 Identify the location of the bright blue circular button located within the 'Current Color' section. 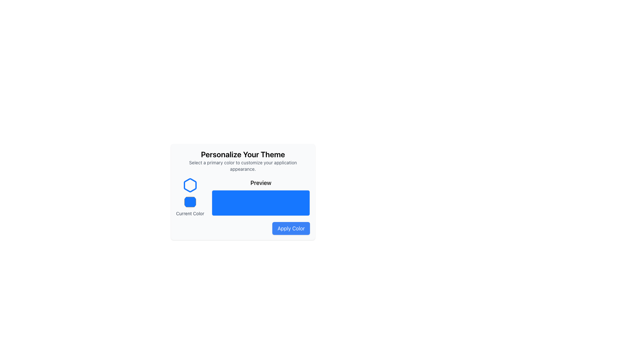
(190, 202).